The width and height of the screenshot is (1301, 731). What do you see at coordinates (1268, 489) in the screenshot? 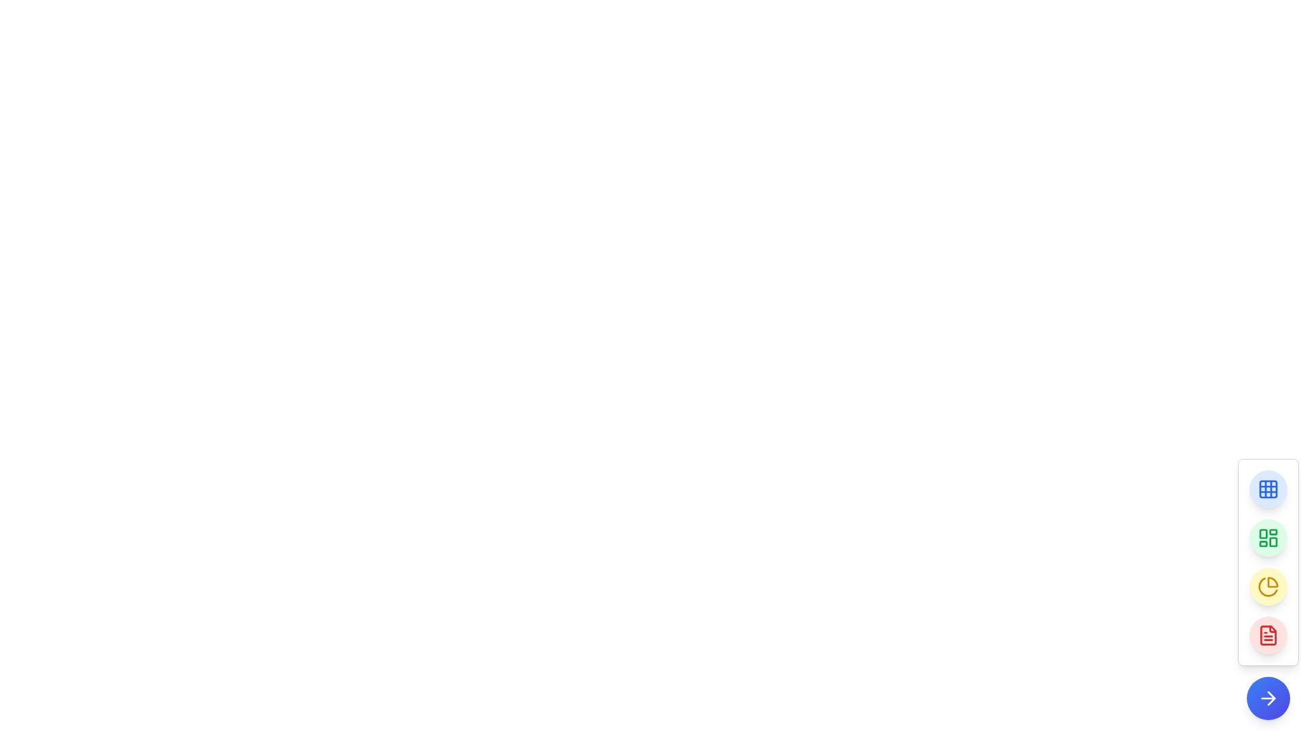
I see `the top-left cell of the grid represented by a small rounded rectangle with a 2-pixel radius at the corners` at bounding box center [1268, 489].